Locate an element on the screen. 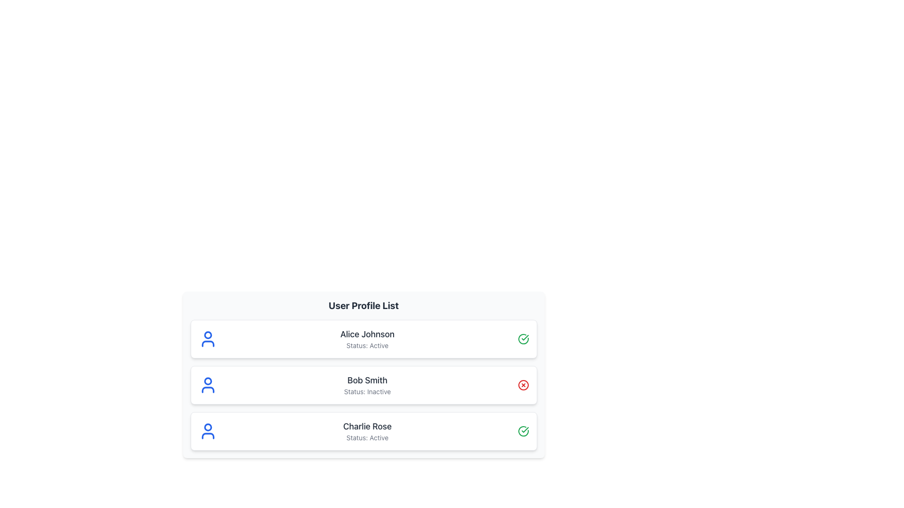 This screenshot has height=508, width=904. the Text Header element that serves as the title for the user profile section, located at the top-center of the layout is located at coordinates (363, 306).